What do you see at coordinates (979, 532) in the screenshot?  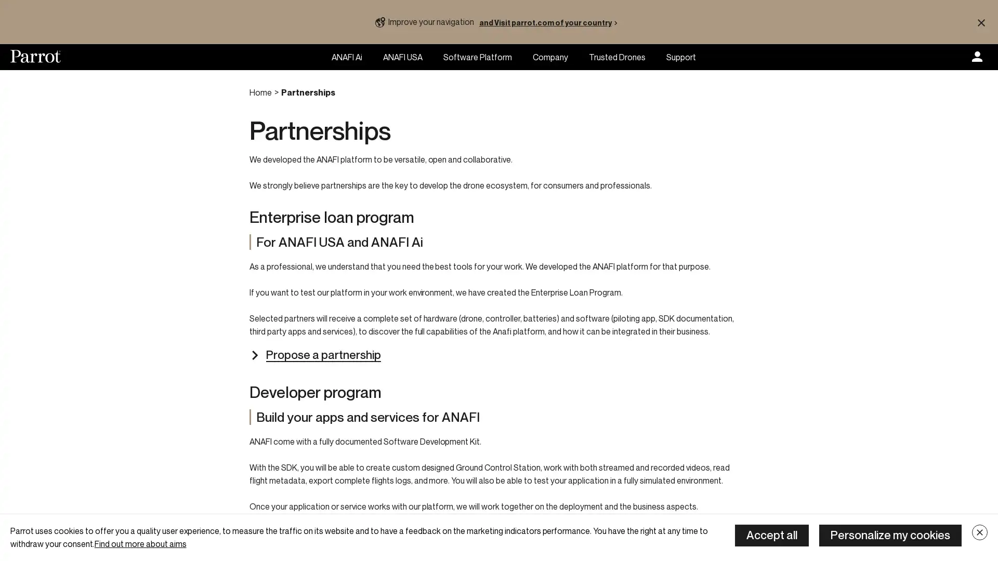 I see `close` at bounding box center [979, 532].